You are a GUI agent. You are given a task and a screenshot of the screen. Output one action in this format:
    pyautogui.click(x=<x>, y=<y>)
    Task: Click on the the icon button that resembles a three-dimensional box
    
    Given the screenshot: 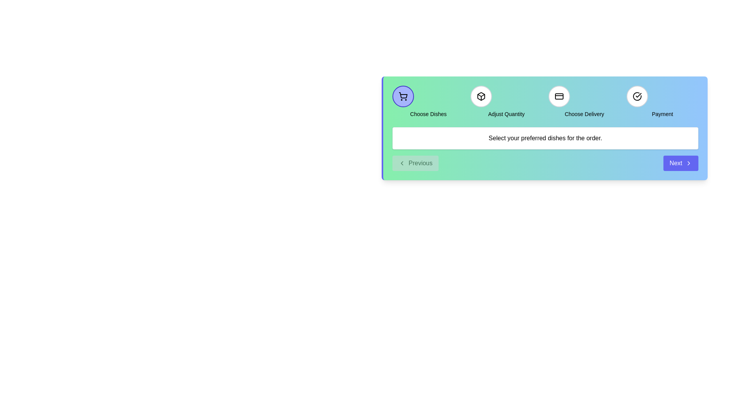 What is the action you would take?
    pyautogui.click(x=481, y=96)
    